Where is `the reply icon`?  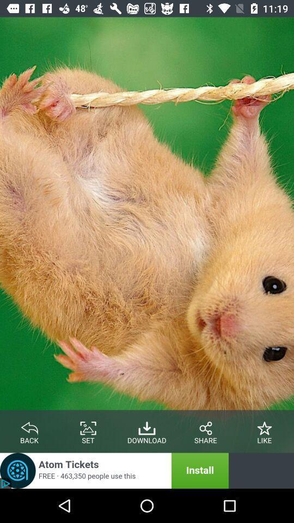 the reply icon is located at coordinates (29, 426).